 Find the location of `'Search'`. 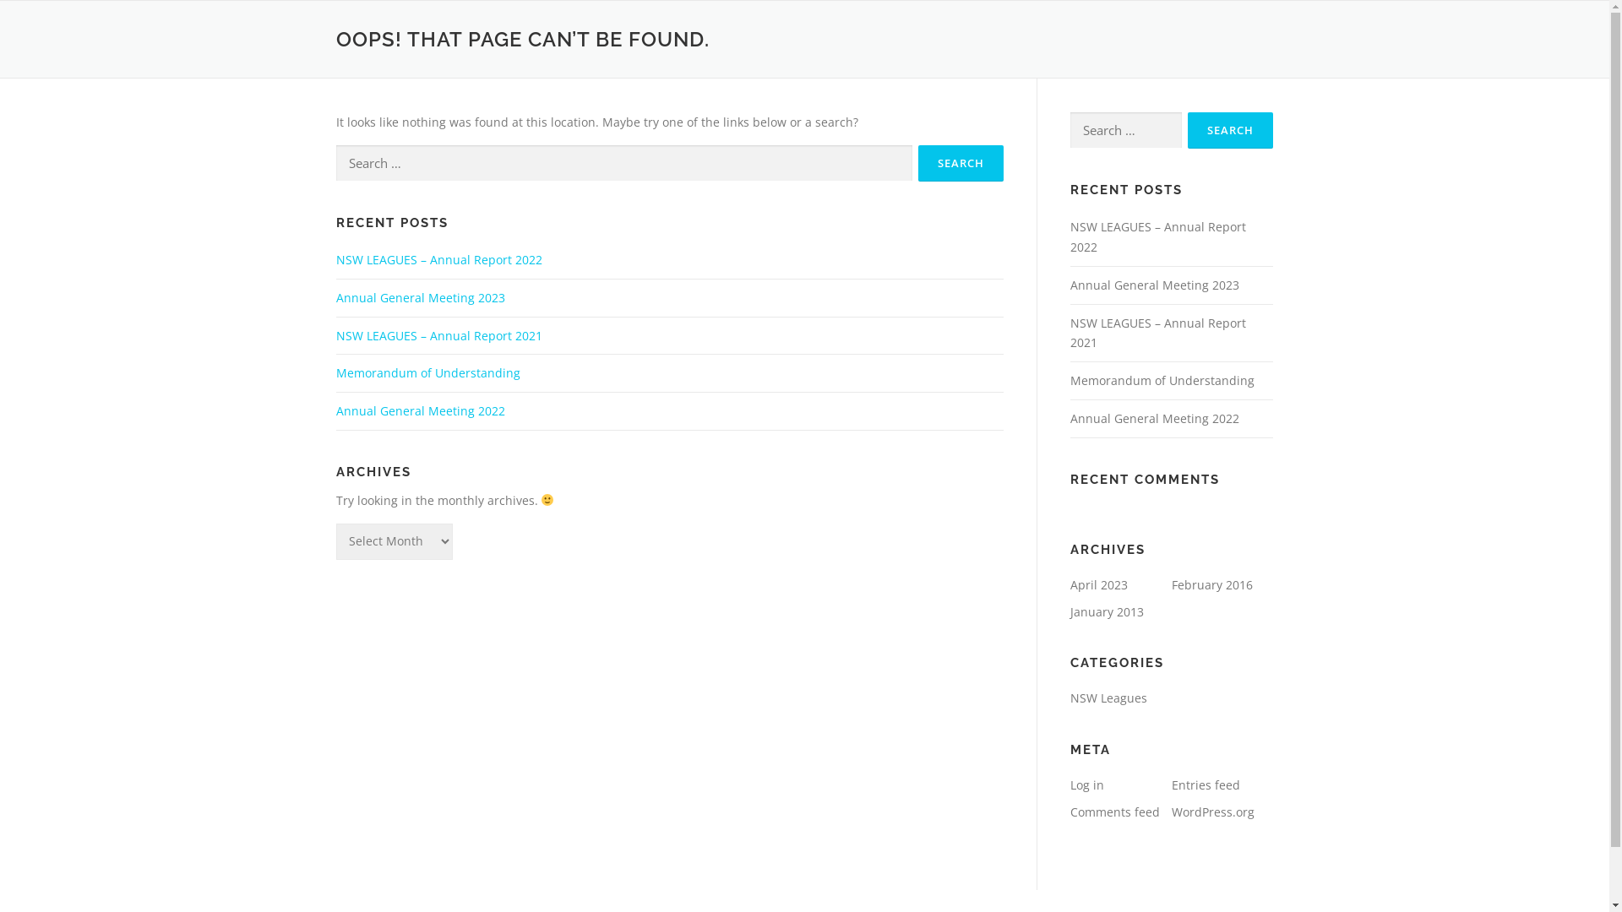

'Search' is located at coordinates (1230, 129).